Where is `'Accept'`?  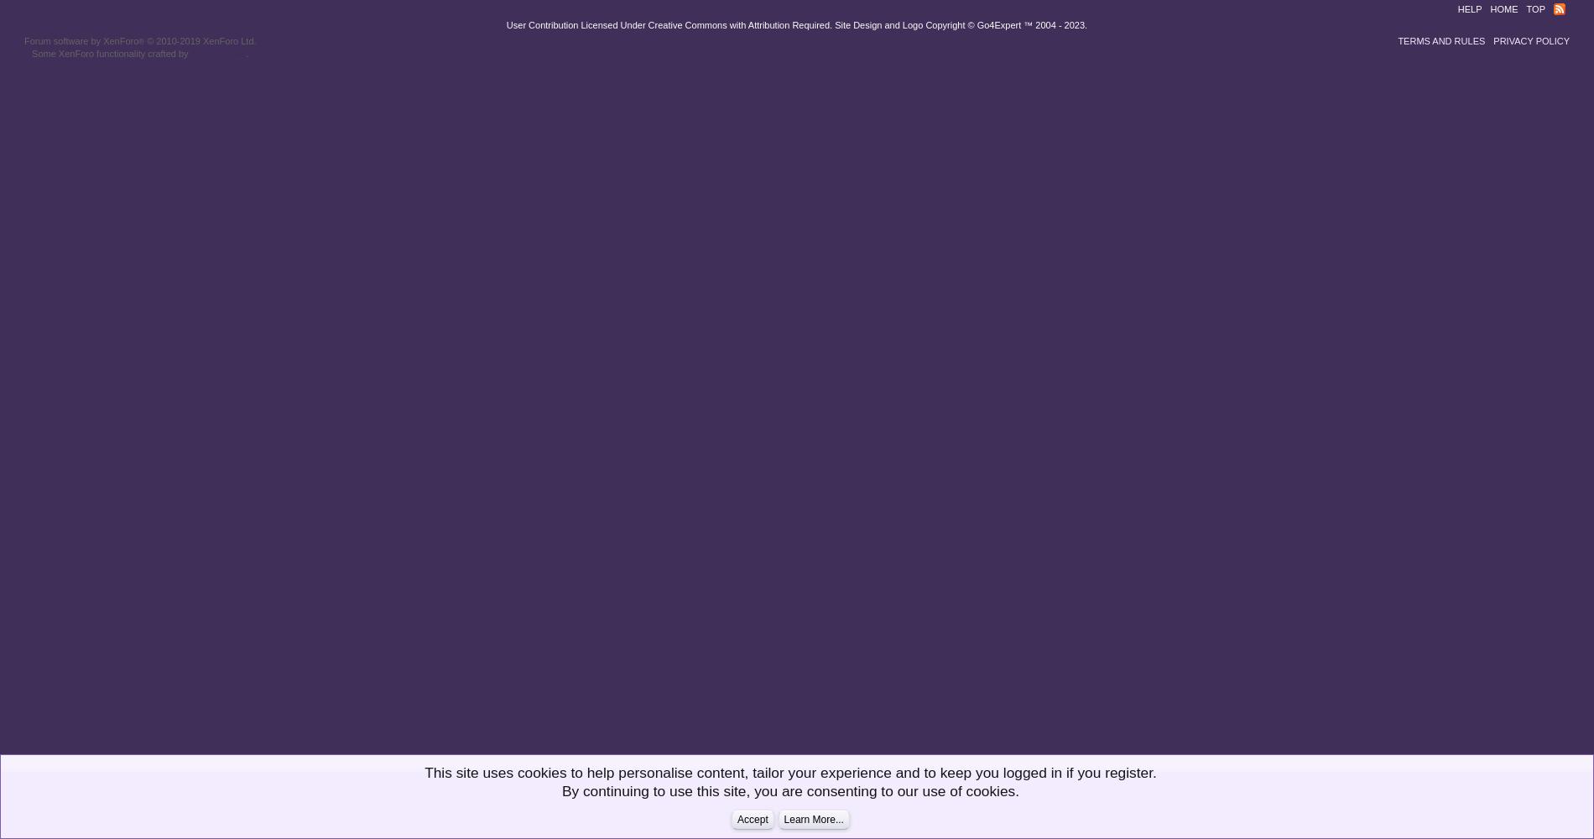 'Accept' is located at coordinates (736, 819).